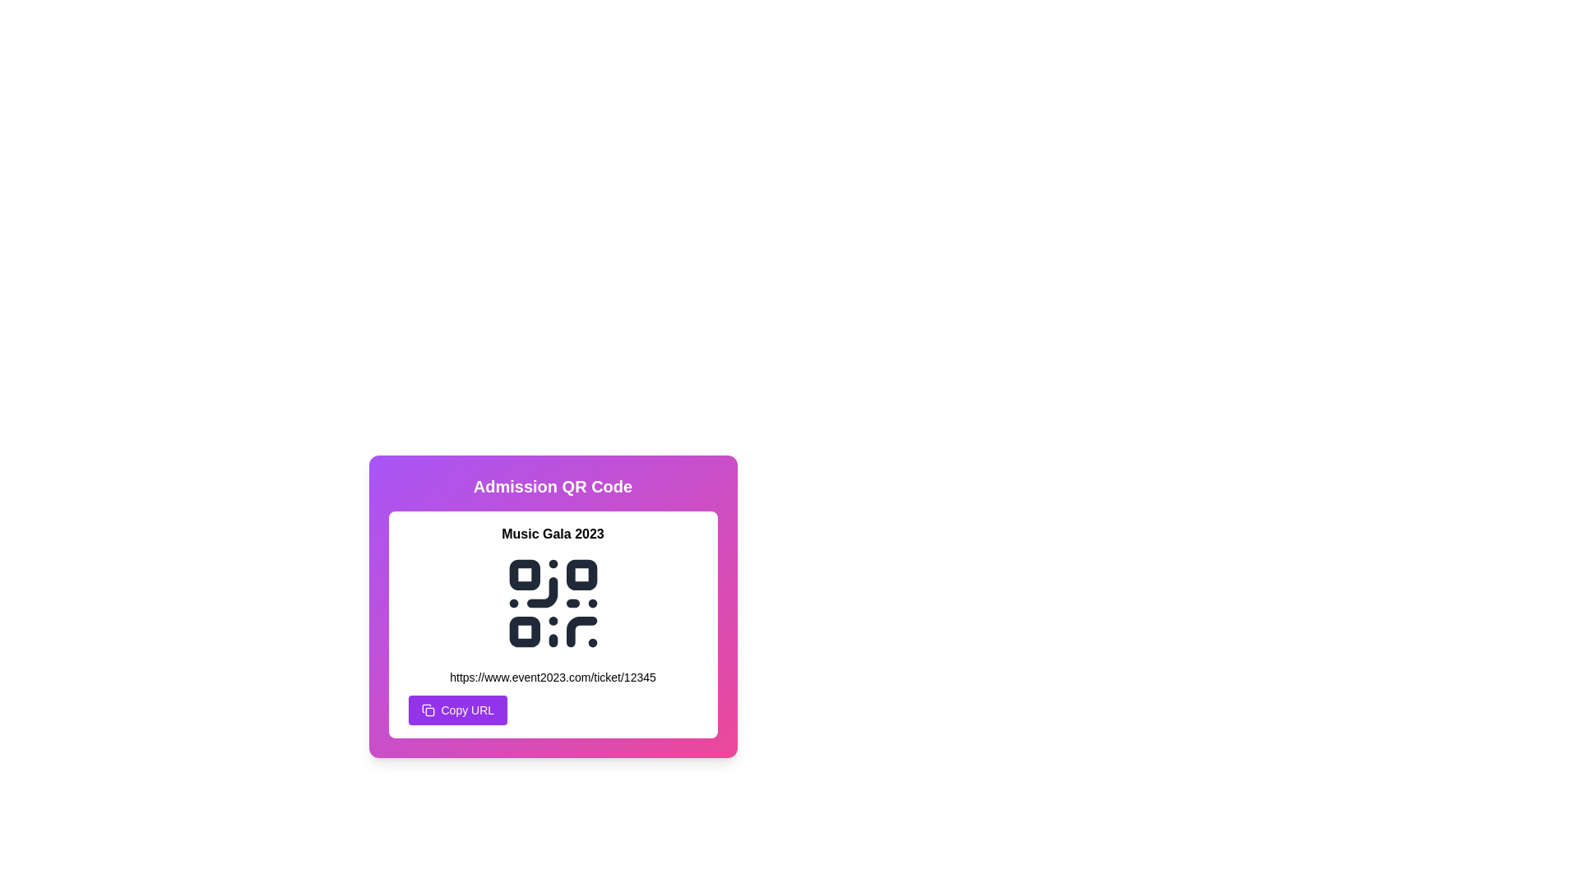 The height and width of the screenshot is (888, 1579). I want to click on the QR code in the white card with rounded edges and a shadowed border, located directly below the title 'Admission QR Code' to scan it, so click(553, 624).